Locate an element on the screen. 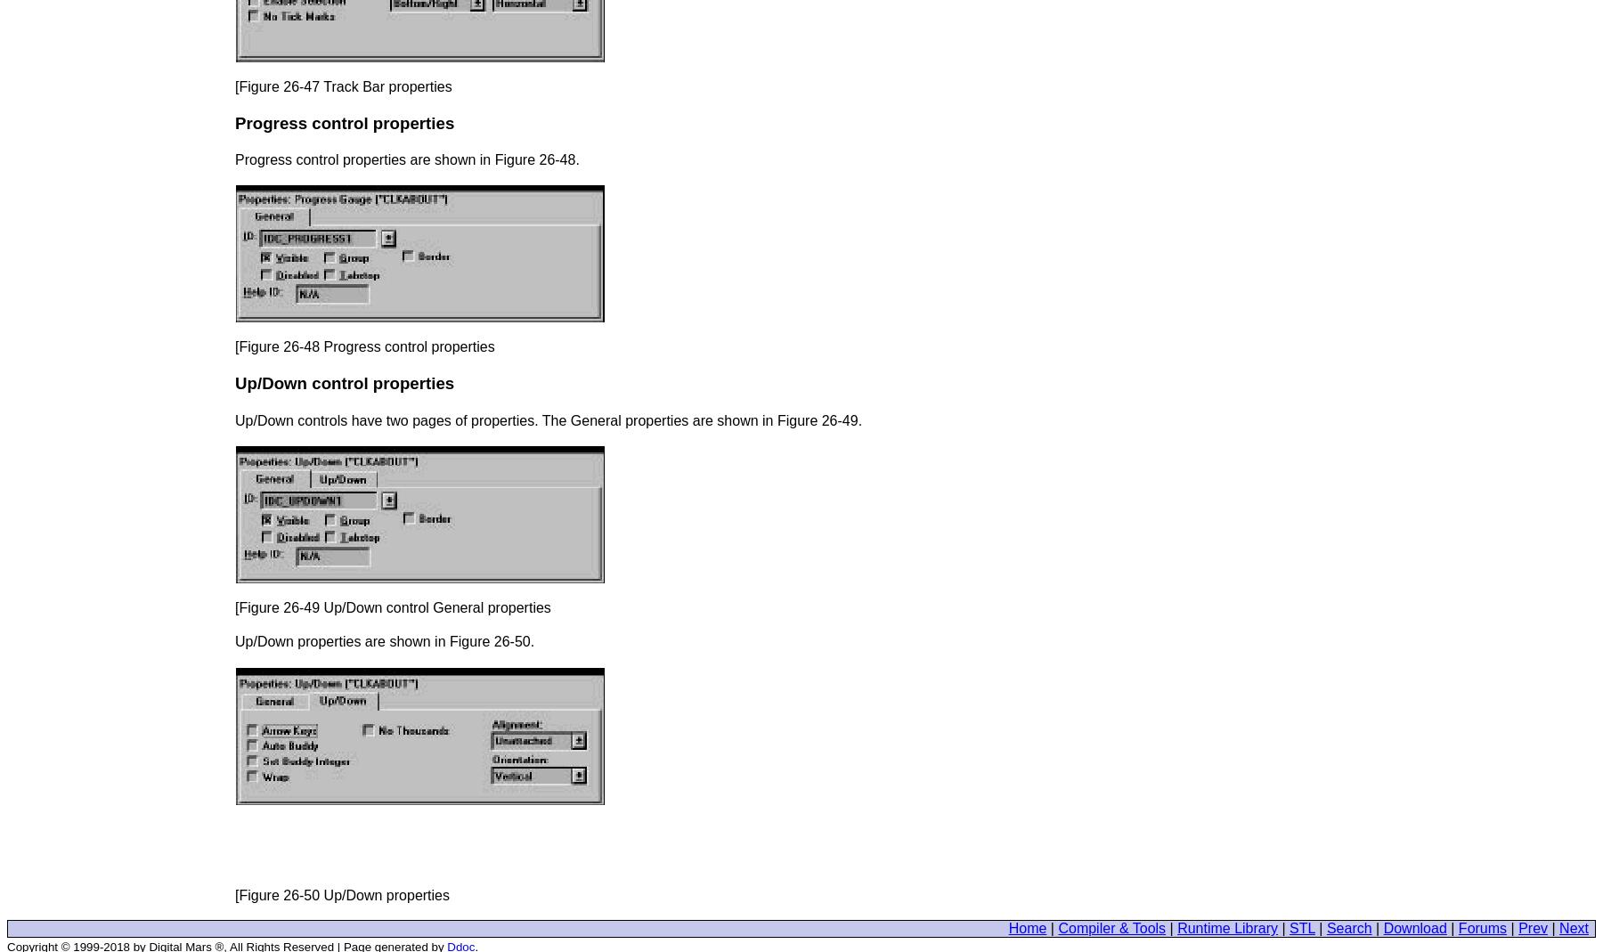 The image size is (1603, 952). 'STL' is located at coordinates (1300, 928).